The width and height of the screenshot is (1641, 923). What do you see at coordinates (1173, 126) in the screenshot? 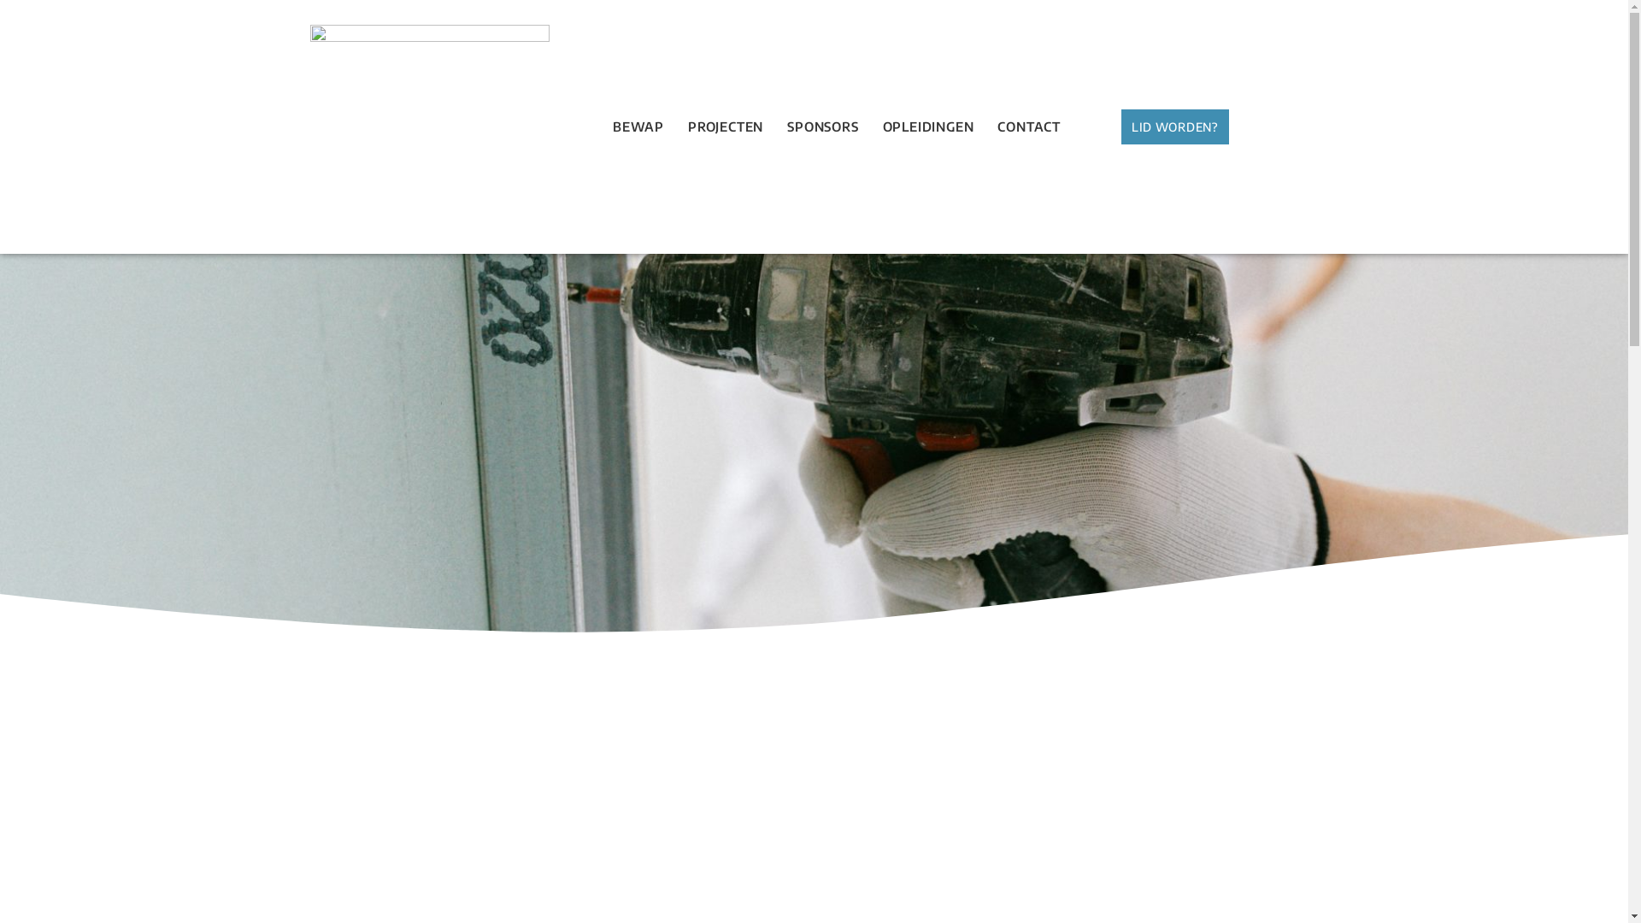
I see `'LID WORDEN?'` at bounding box center [1173, 126].